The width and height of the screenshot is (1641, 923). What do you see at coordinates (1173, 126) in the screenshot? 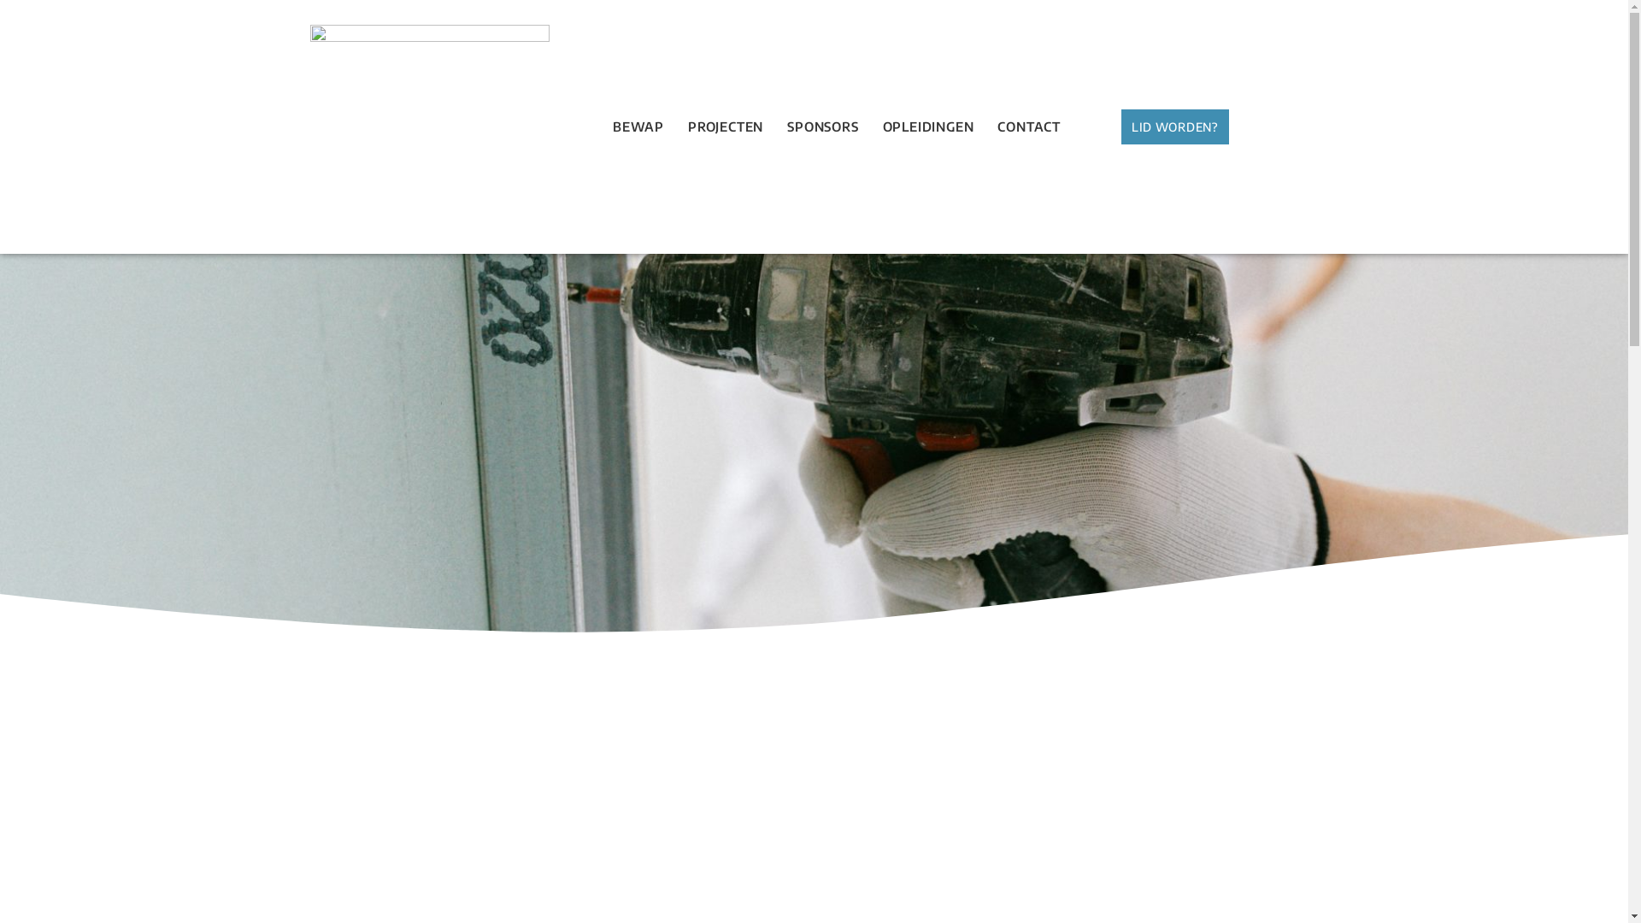
I see `'LID WORDEN?'` at bounding box center [1173, 126].